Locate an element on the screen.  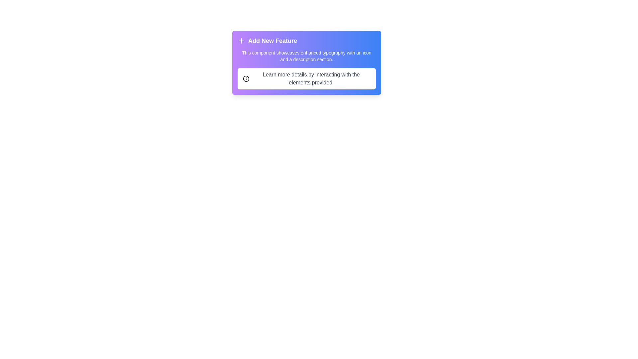
the plus symbol icon located to the left of the 'Add New Feature' title, which represents the 'Add' action is located at coordinates (241, 41).